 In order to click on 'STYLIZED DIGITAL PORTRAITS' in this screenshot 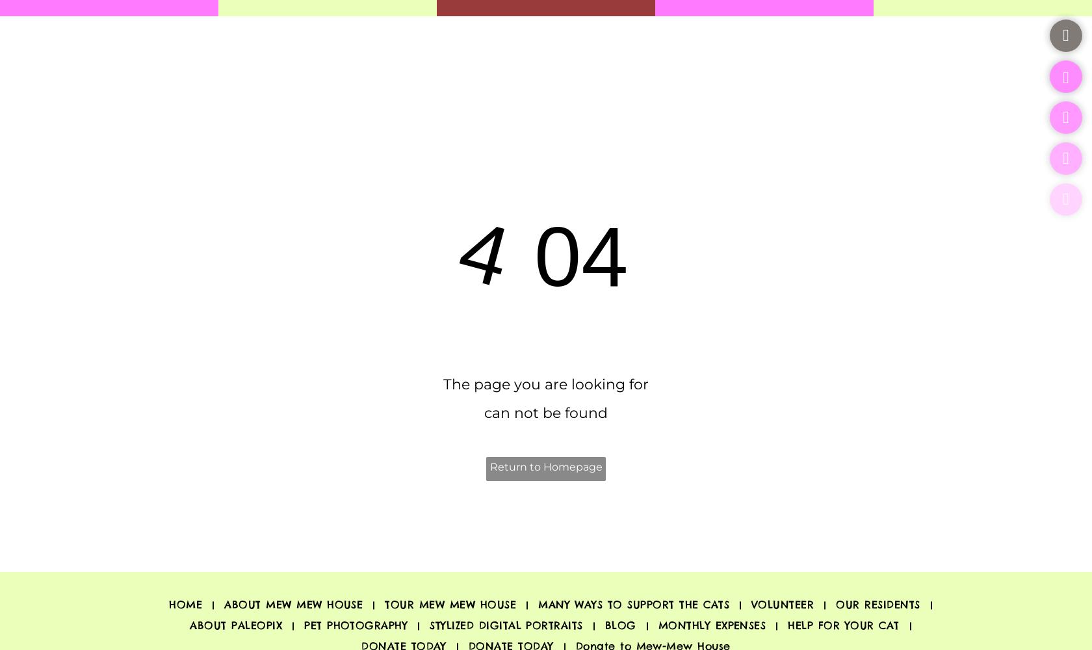, I will do `click(506, 624)`.